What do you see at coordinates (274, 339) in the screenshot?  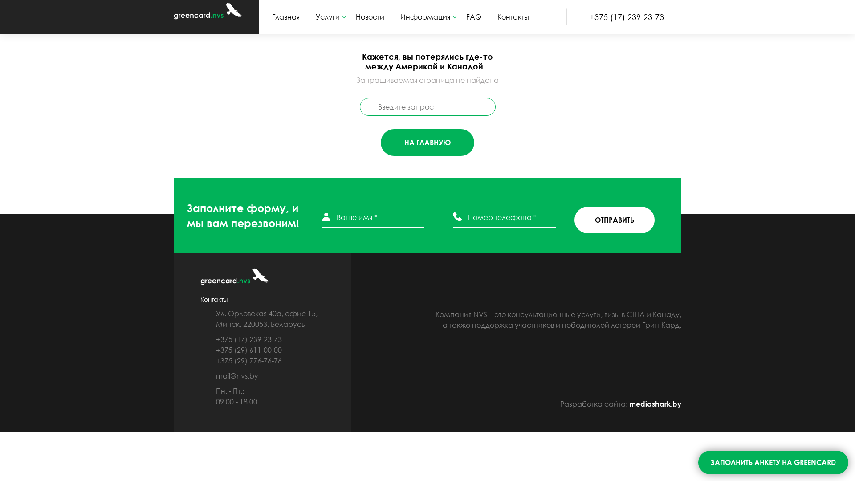 I see `'+375 (17) 239-23-73'` at bounding box center [274, 339].